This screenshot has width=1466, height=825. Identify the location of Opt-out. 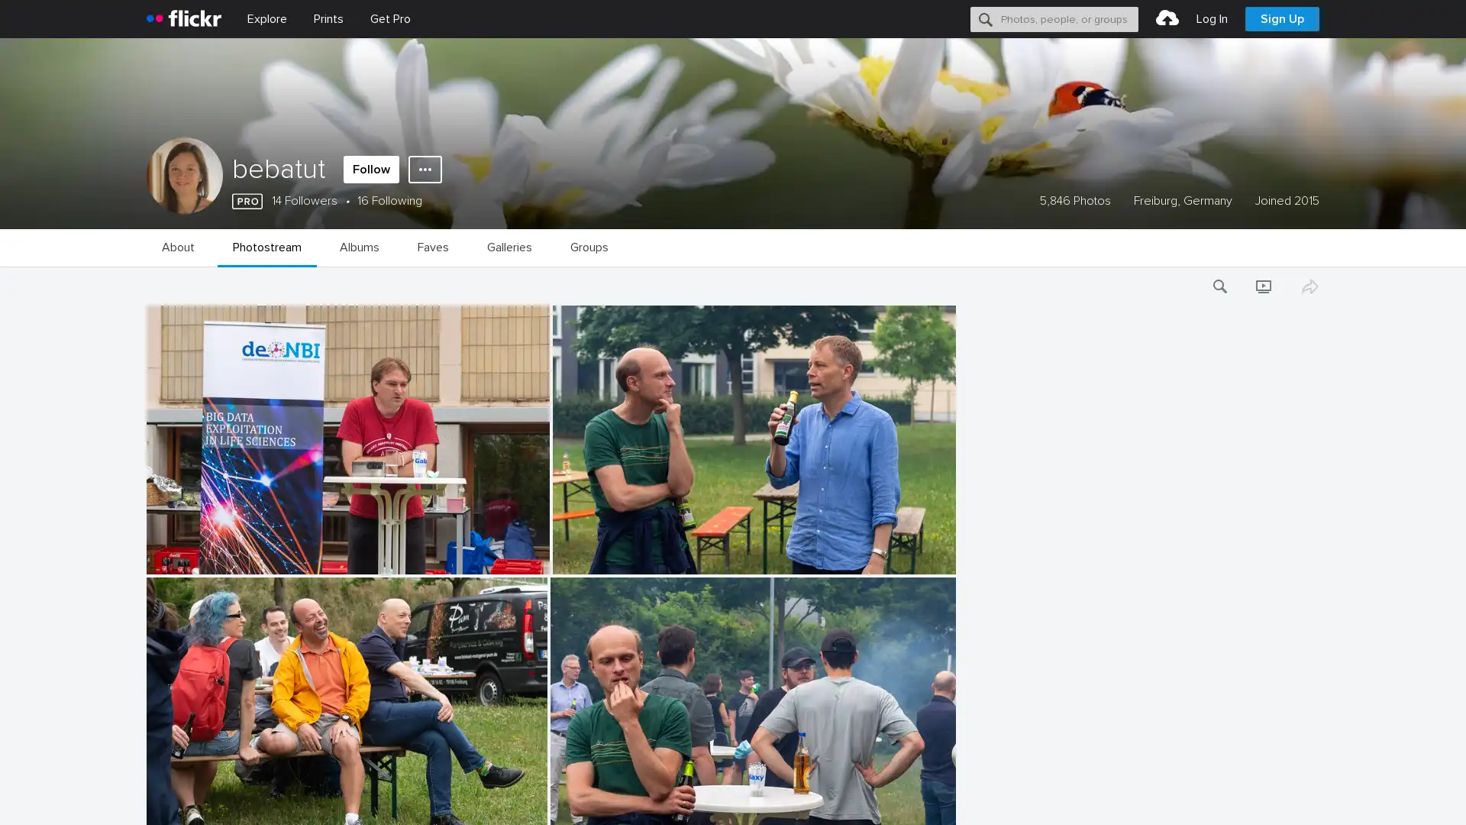
(1234, 795).